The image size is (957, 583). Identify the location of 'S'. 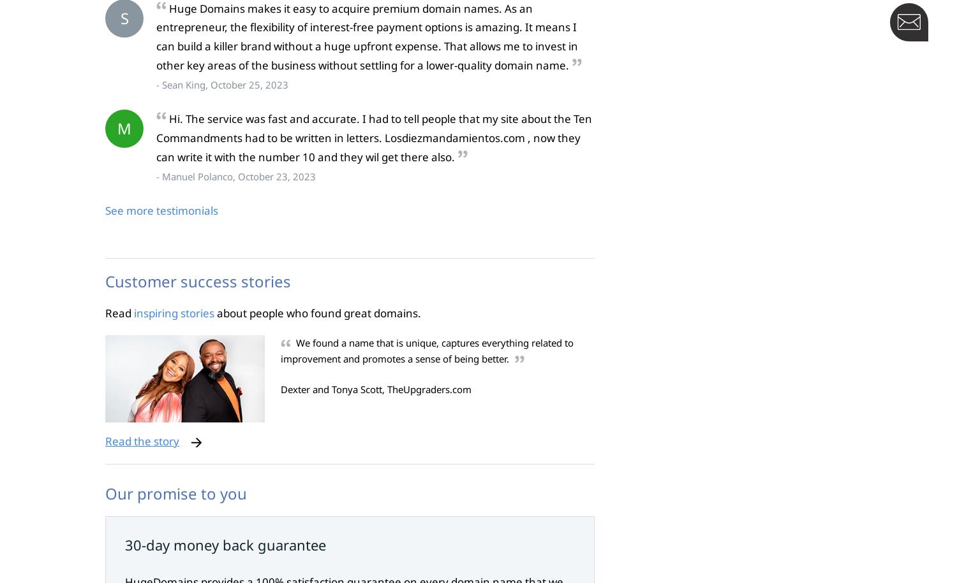
(123, 17).